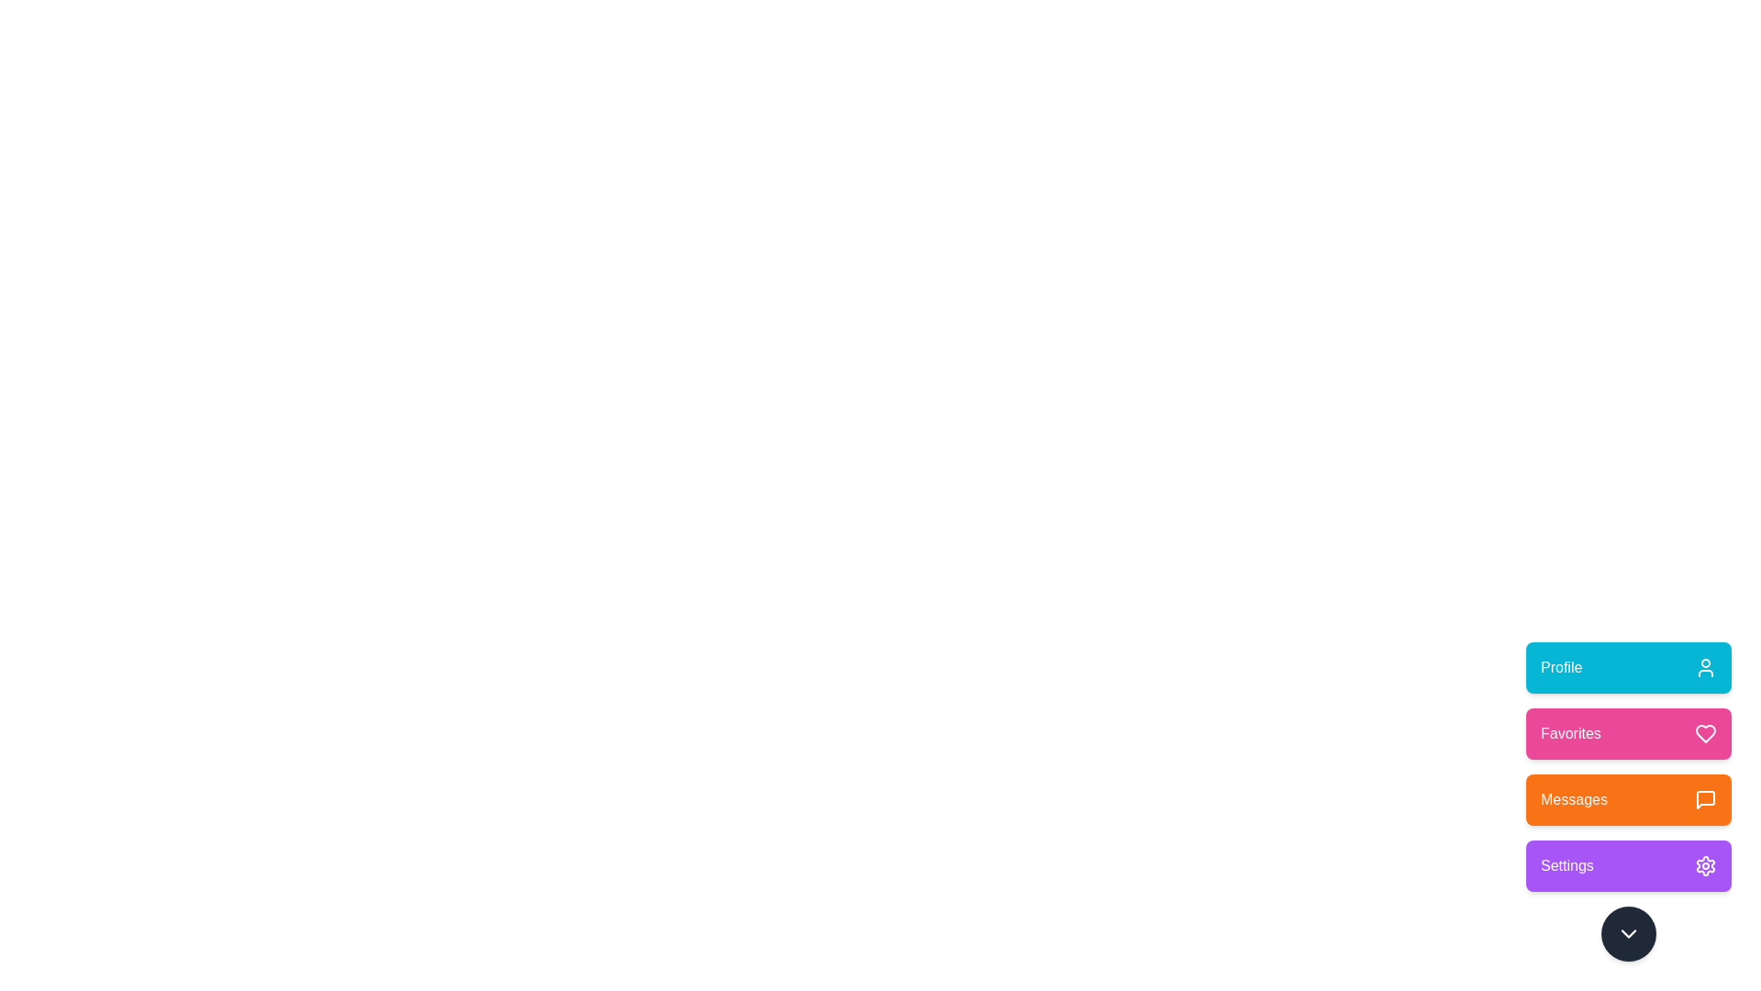 This screenshot has height=991, width=1761. Describe the element at coordinates (1629, 866) in the screenshot. I see `the Settings button to observe its hover effect` at that location.